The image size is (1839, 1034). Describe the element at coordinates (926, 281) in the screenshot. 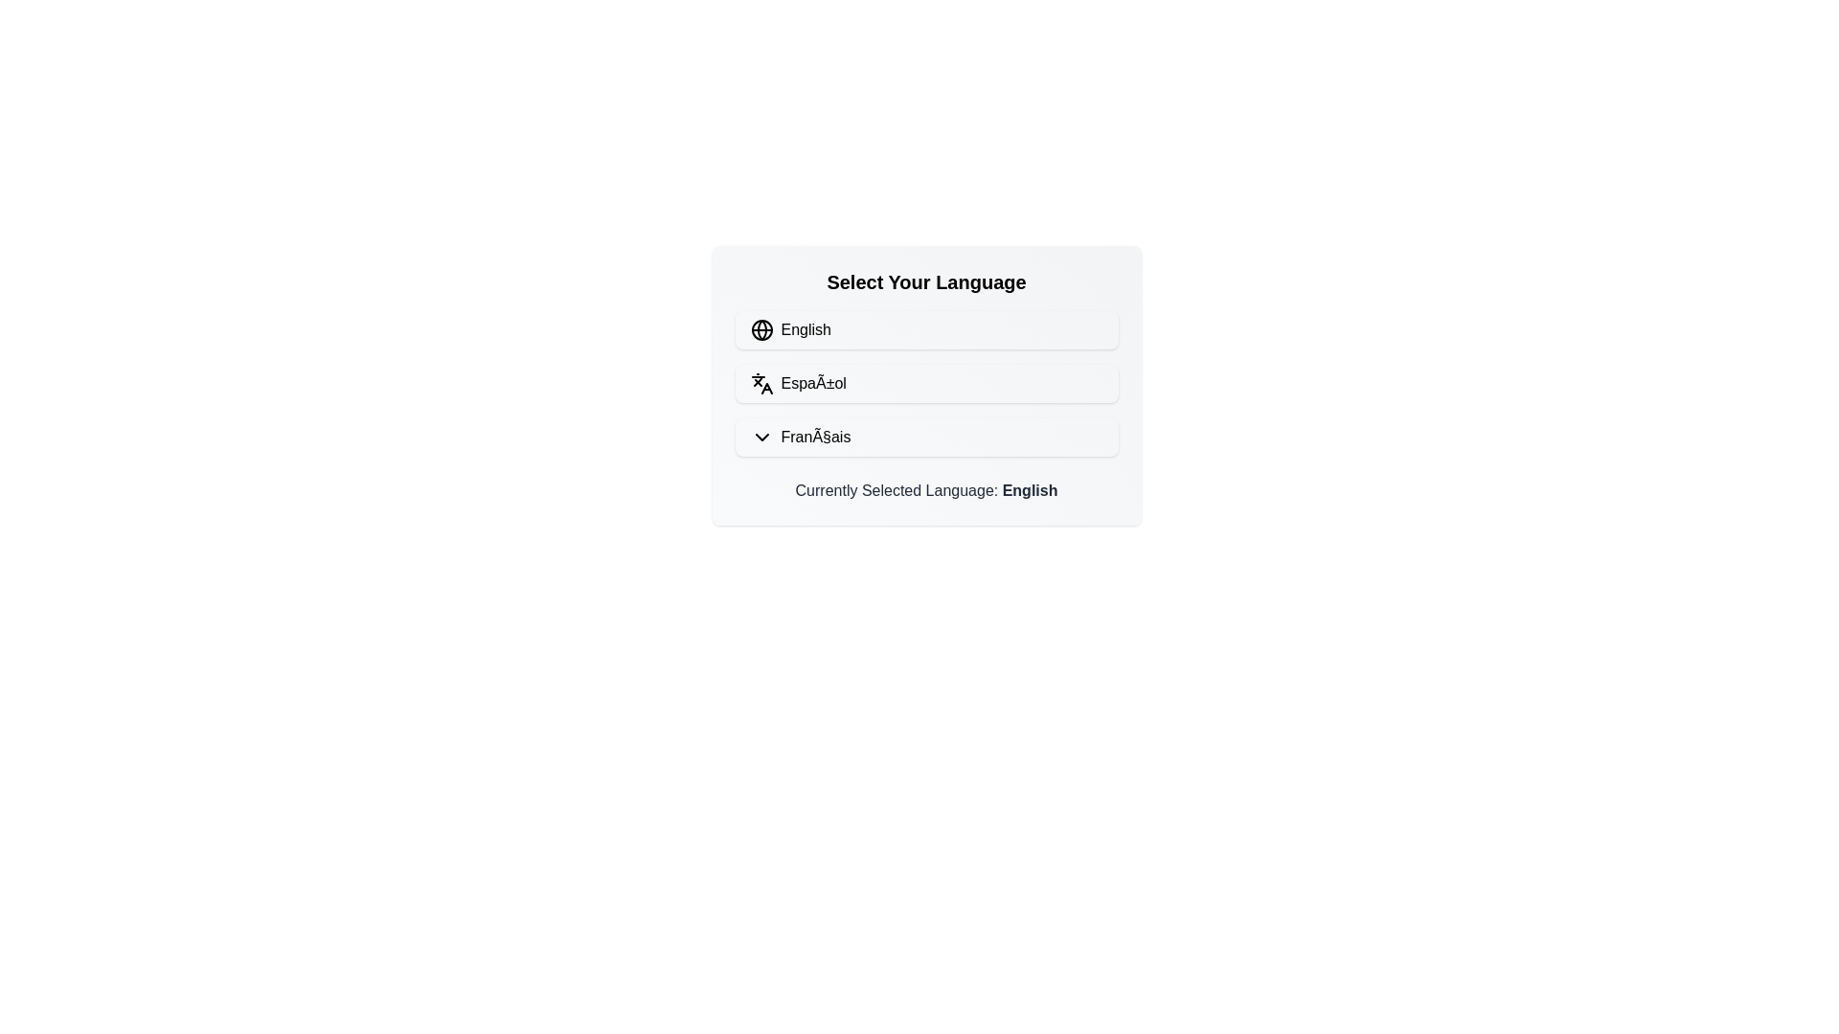

I see `bold, center-aligned header text 'Select Your Language' located at the top of the language selection card` at that location.